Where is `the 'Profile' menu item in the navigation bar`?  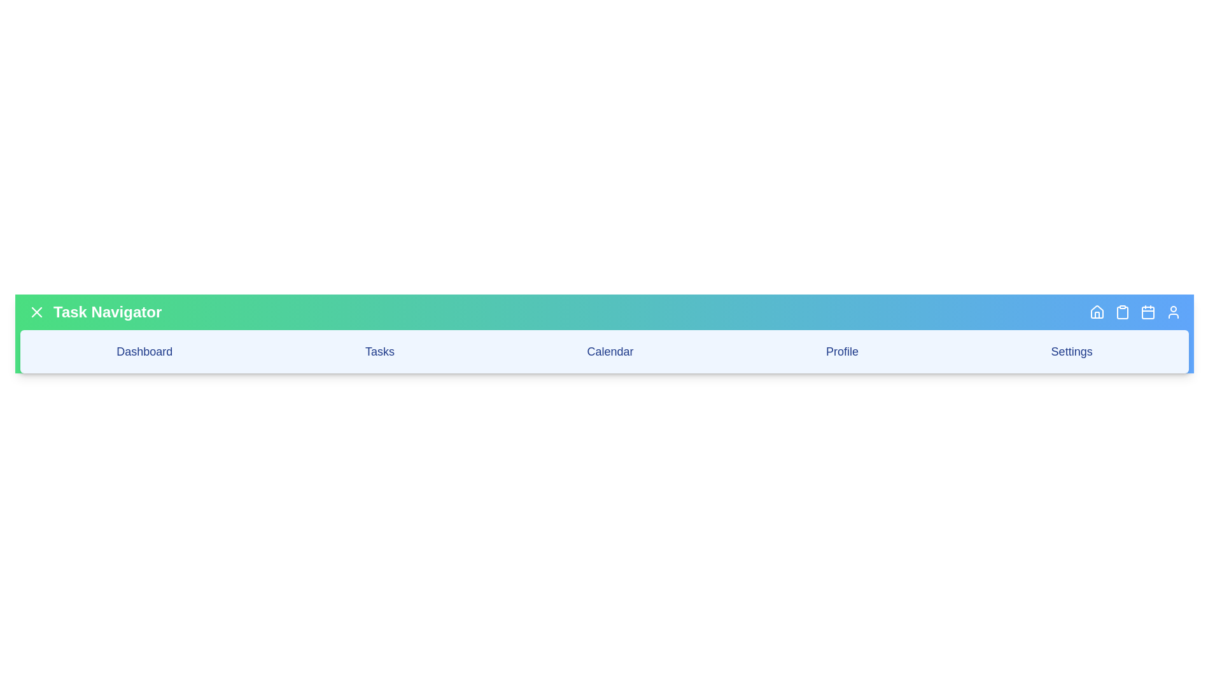
the 'Profile' menu item in the navigation bar is located at coordinates (842, 351).